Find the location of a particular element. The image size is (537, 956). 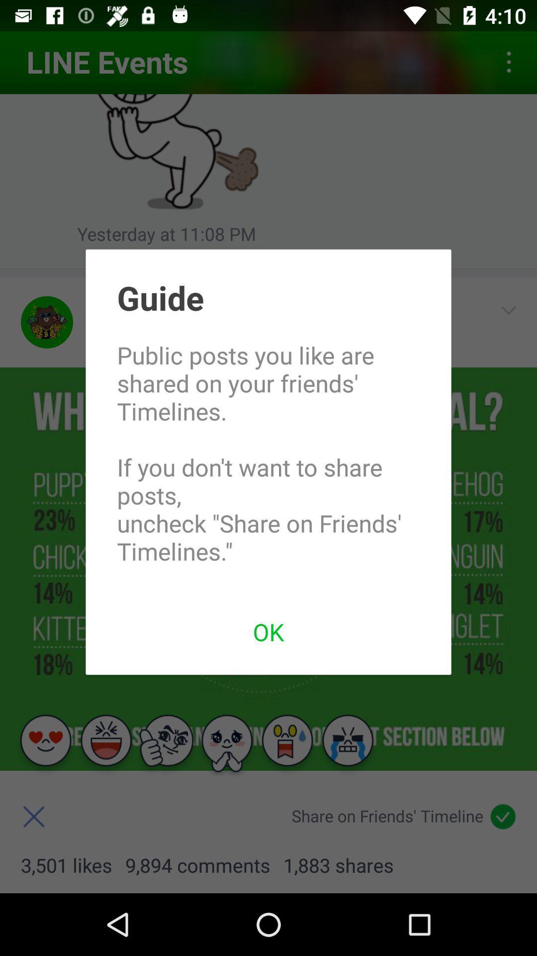

the app below the public posts you icon is located at coordinates (268, 631).